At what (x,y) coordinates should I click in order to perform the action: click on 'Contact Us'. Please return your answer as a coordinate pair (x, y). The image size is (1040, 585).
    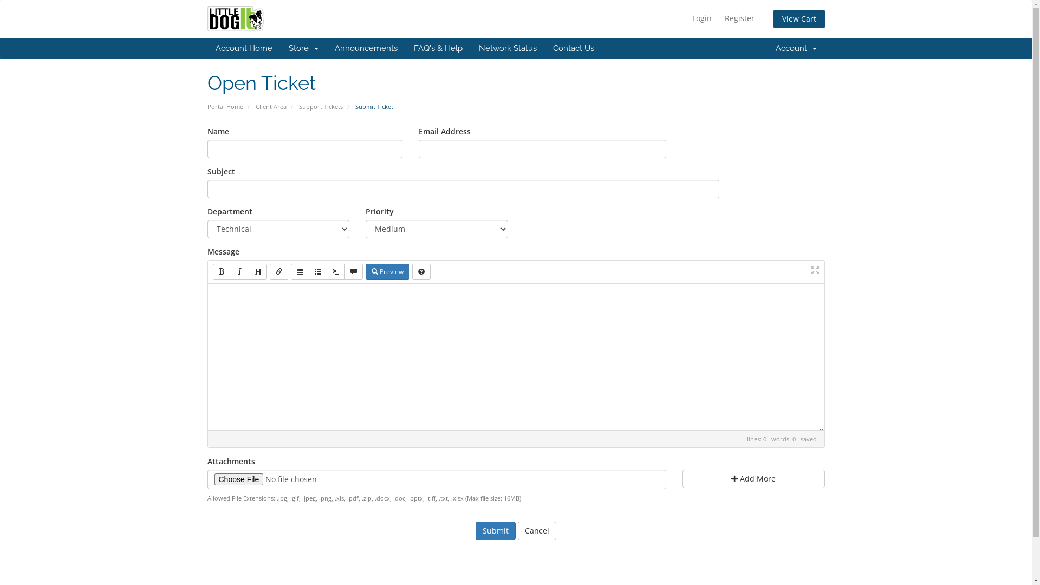
    Looking at the image, I should click on (573, 47).